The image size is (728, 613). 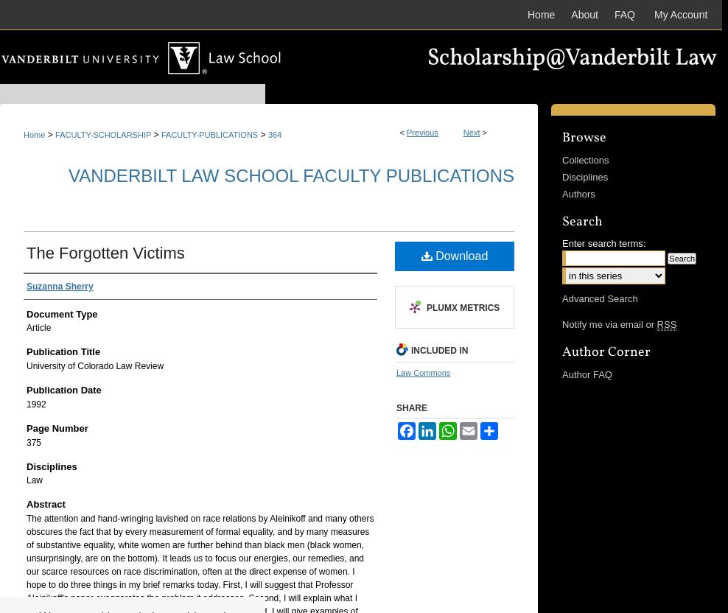 What do you see at coordinates (57, 427) in the screenshot?
I see `'Page Number'` at bounding box center [57, 427].